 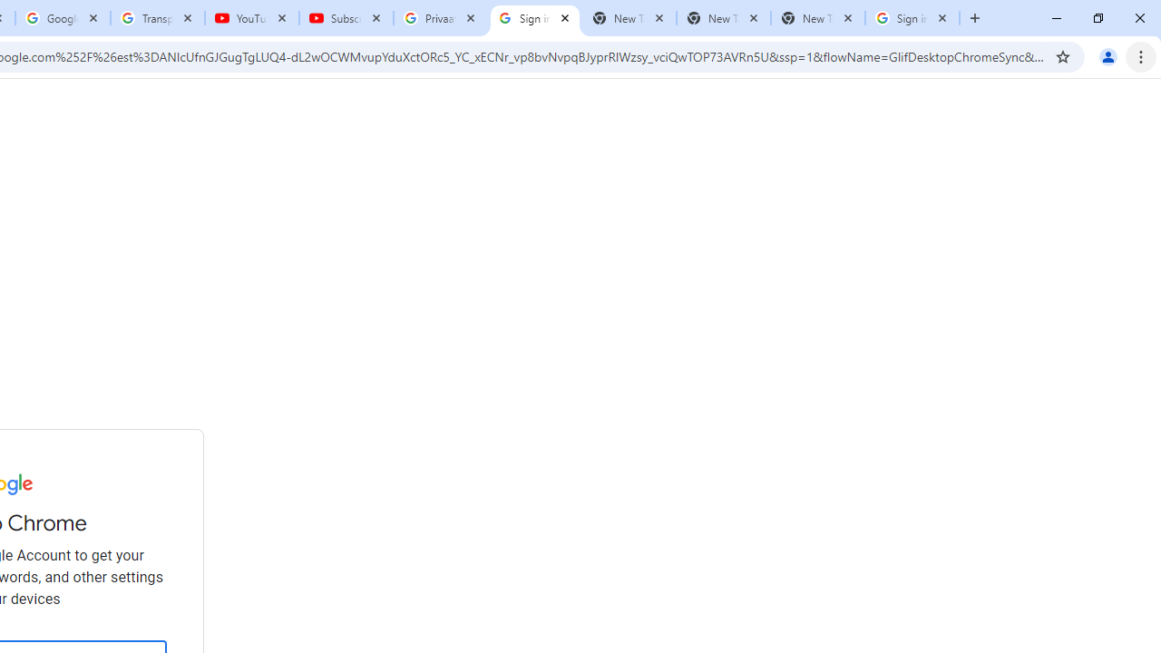 What do you see at coordinates (346, 18) in the screenshot?
I see `'Subscriptions - YouTube'` at bounding box center [346, 18].